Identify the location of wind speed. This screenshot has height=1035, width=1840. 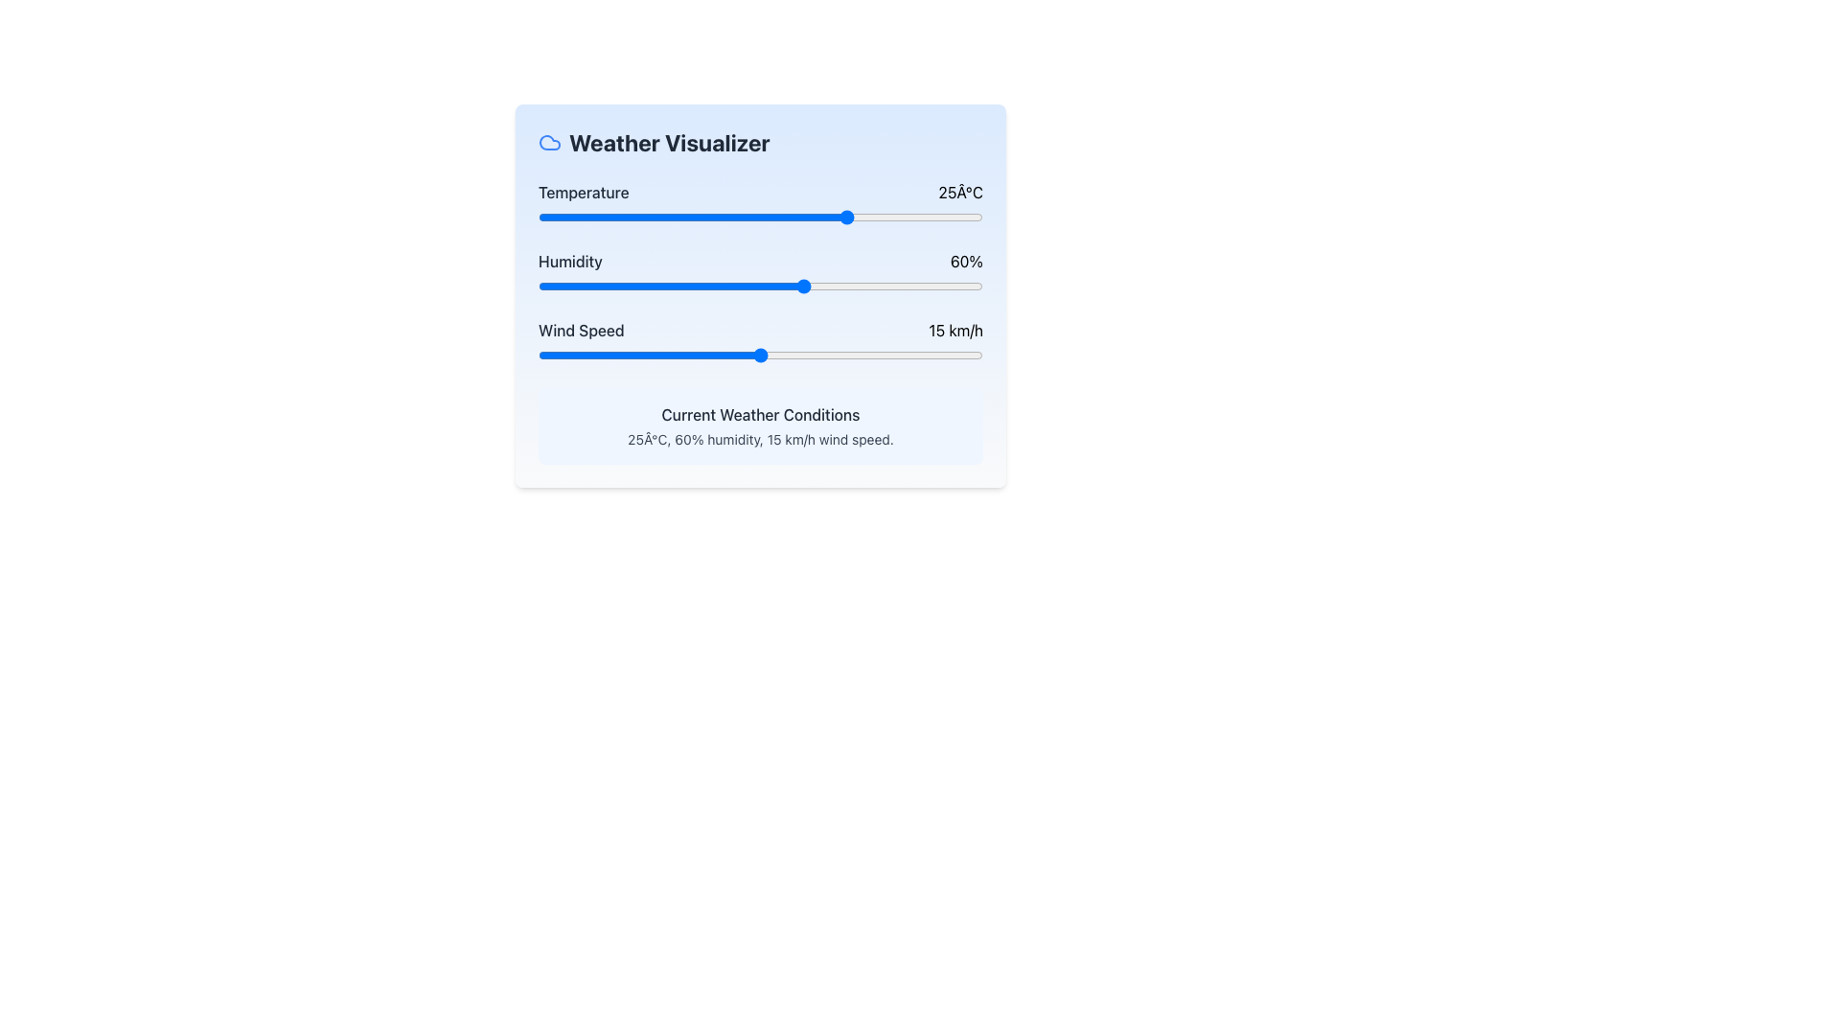
(759, 355).